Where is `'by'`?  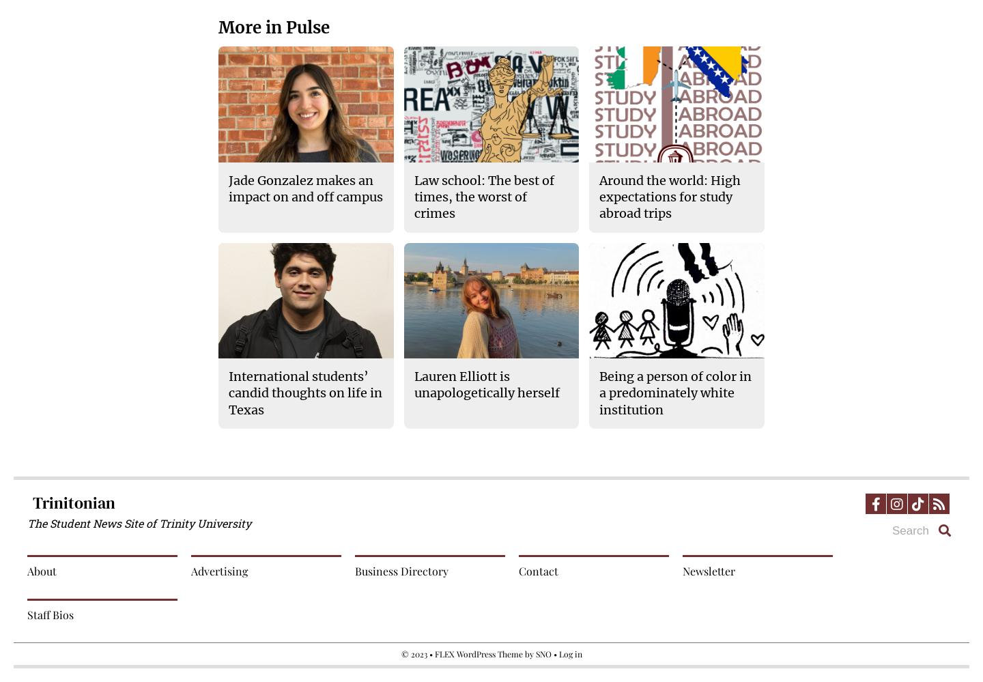
'by' is located at coordinates (528, 653).